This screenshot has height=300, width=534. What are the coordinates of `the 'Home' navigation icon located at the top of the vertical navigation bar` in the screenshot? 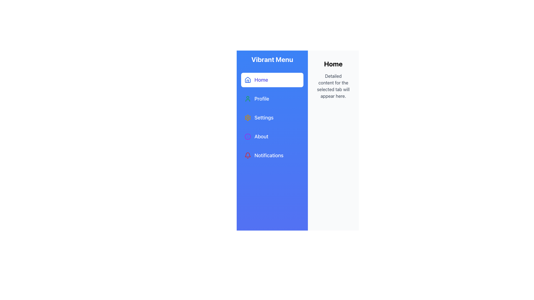 It's located at (248, 79).